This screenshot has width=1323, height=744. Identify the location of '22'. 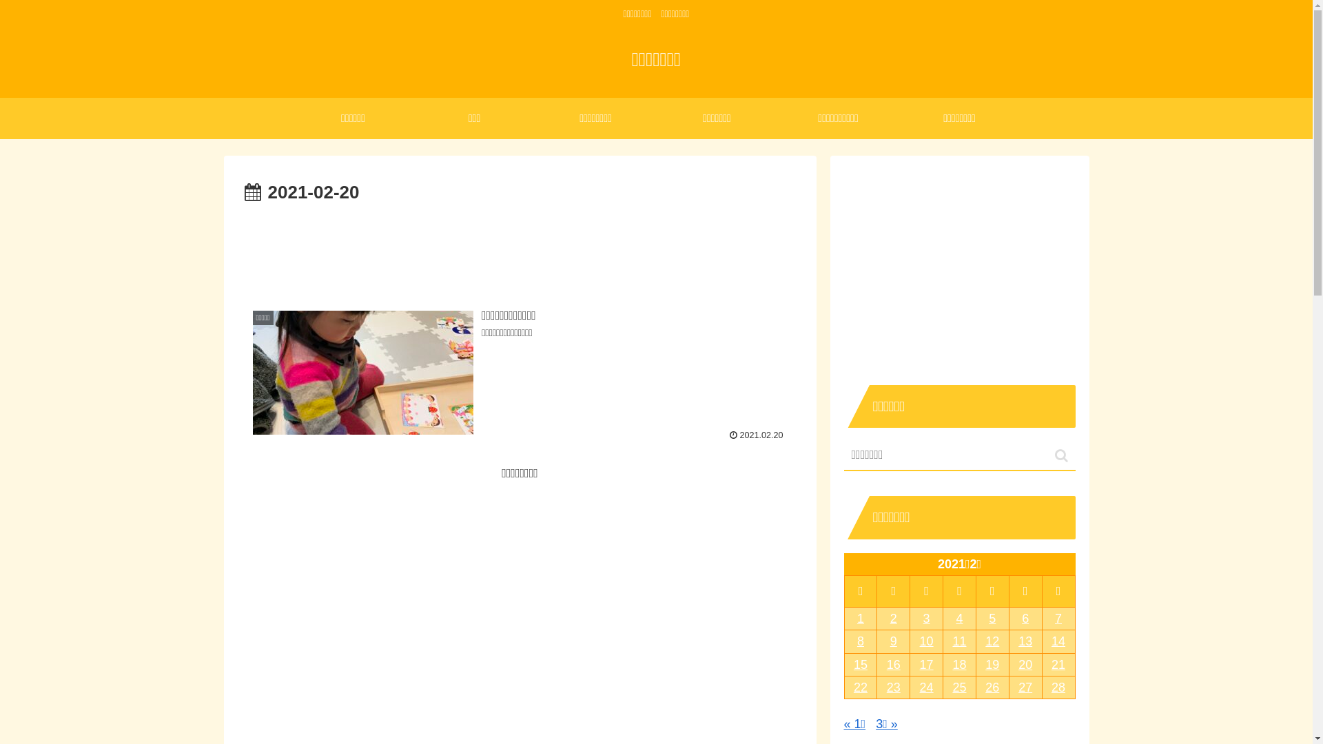
(843, 688).